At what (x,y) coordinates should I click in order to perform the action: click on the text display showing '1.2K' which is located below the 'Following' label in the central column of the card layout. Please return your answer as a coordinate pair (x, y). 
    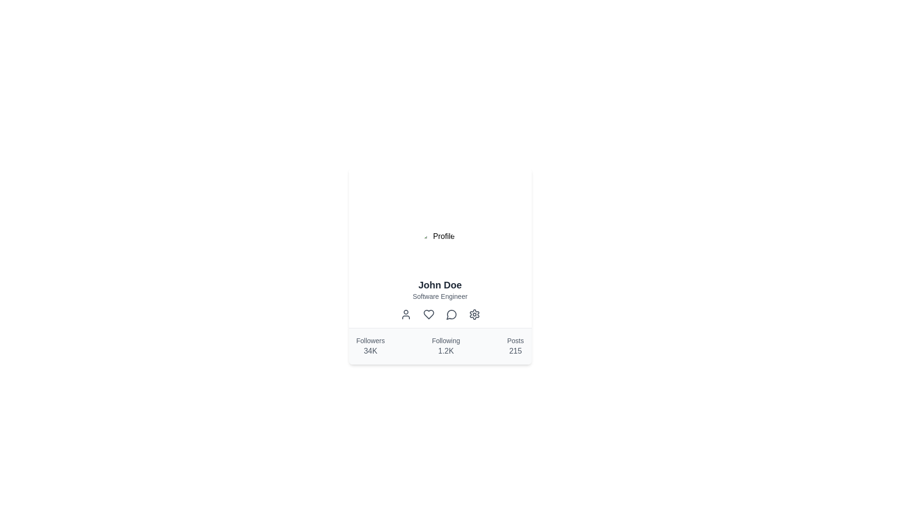
    Looking at the image, I should click on (445, 351).